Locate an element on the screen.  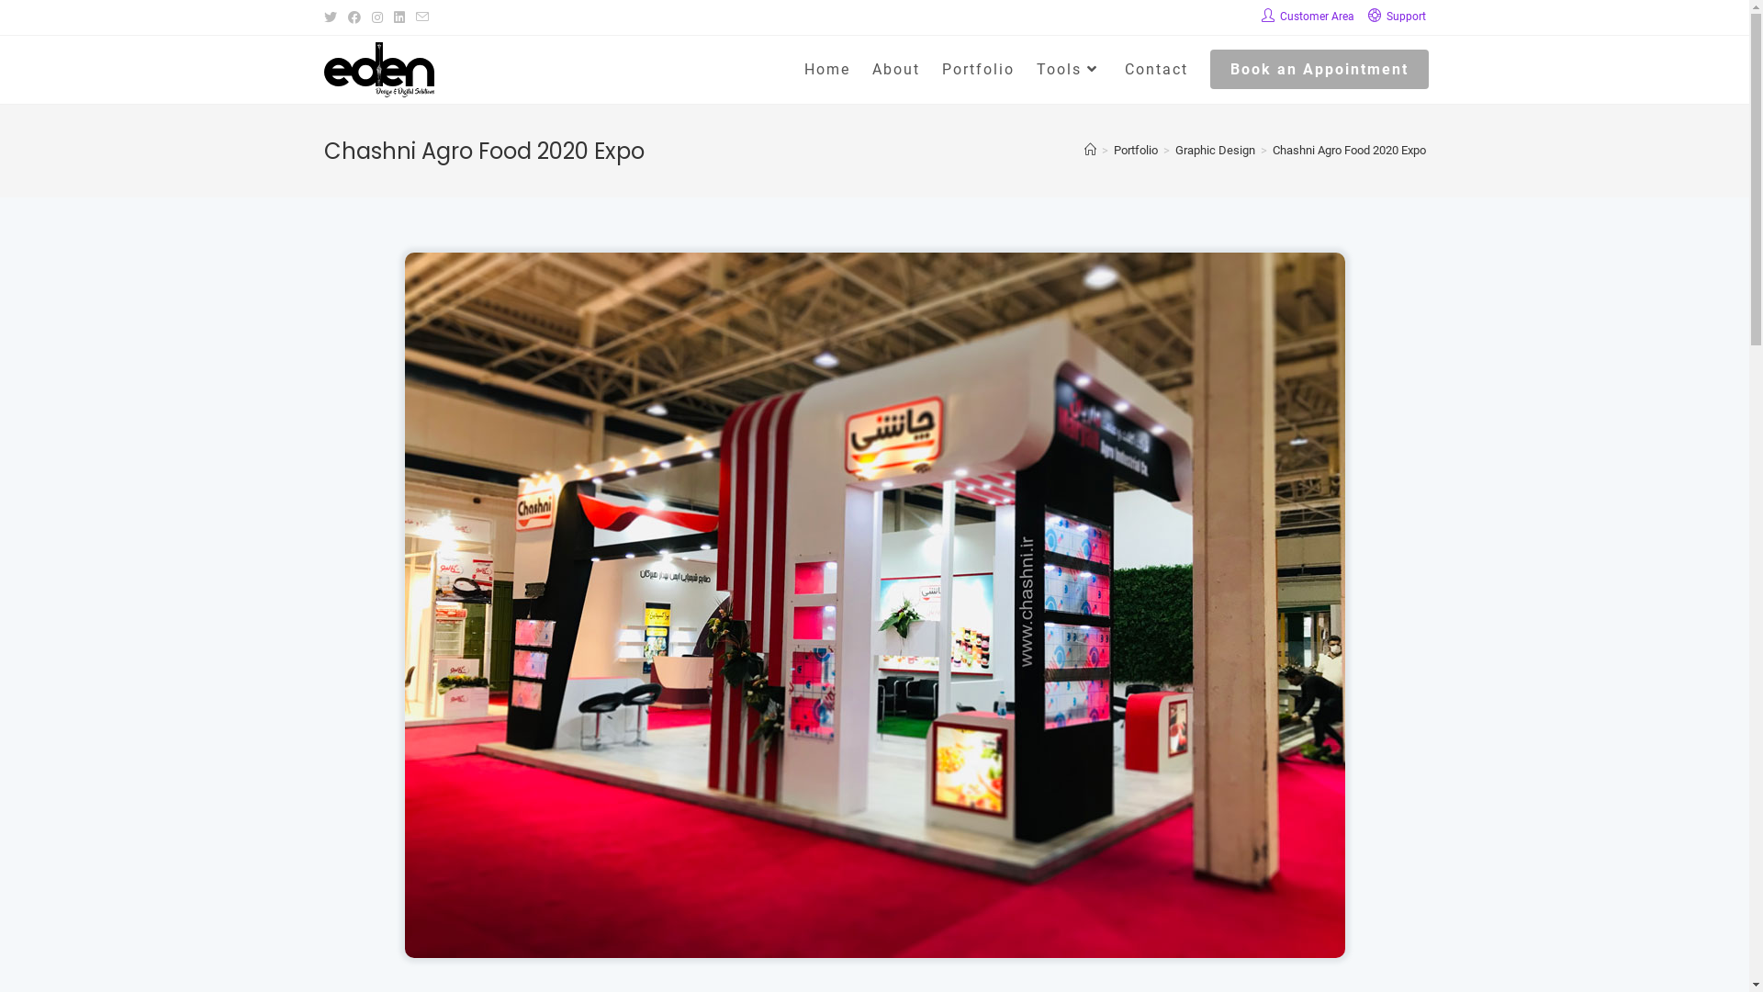
'info@eden.bz' is located at coordinates (426, 793).